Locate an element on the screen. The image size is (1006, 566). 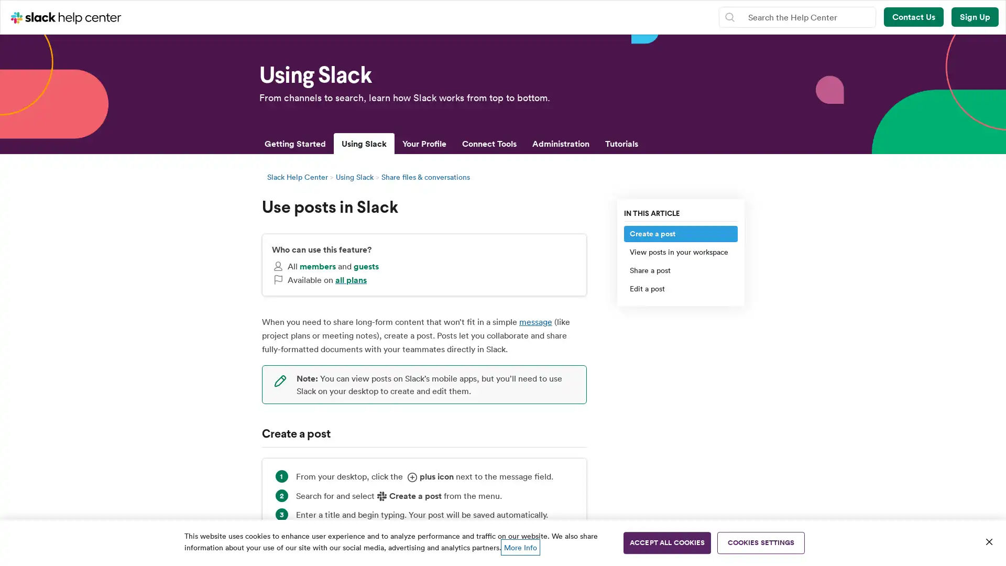
Close is located at coordinates (988, 541).